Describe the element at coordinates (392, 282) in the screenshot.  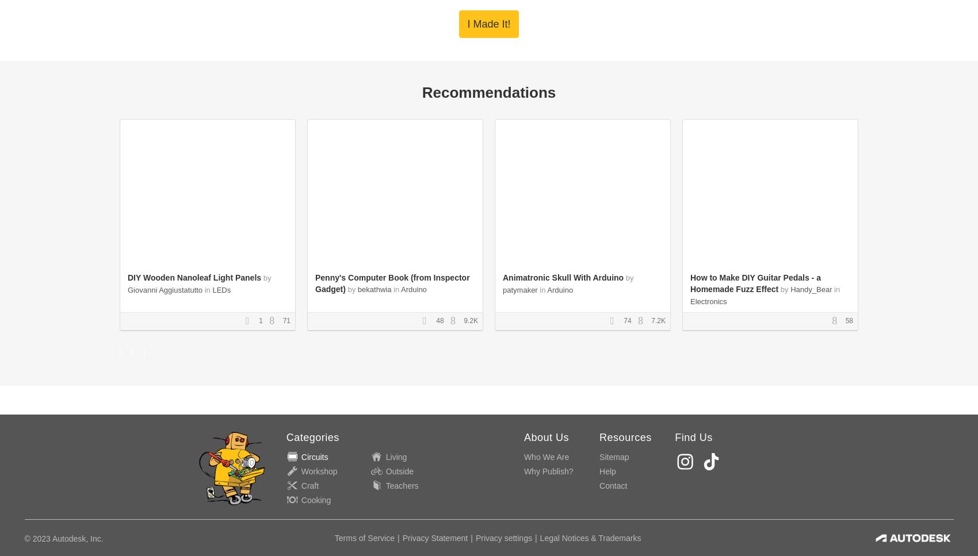
I see `'Penny's Computer Book (from Inspector Gadget)'` at that location.